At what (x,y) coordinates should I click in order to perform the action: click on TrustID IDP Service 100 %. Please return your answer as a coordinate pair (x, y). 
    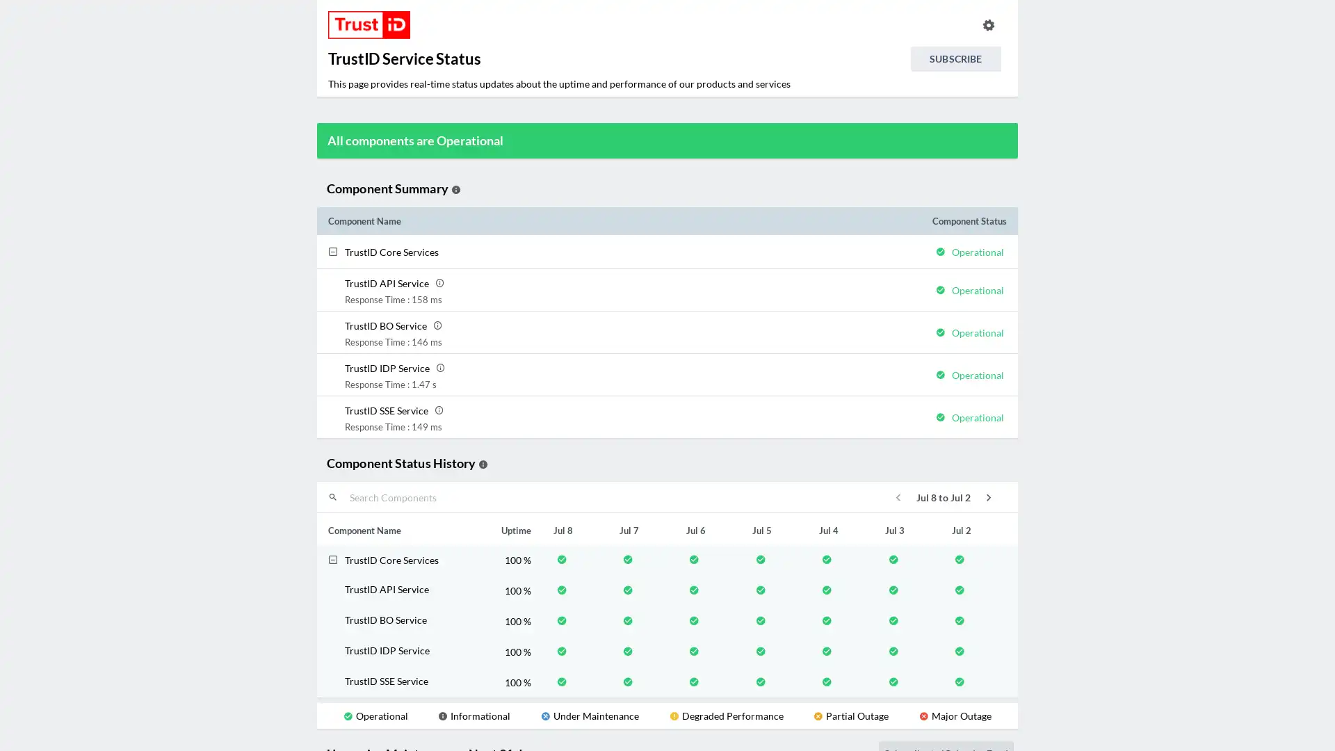
    Looking at the image, I should click on (667, 652).